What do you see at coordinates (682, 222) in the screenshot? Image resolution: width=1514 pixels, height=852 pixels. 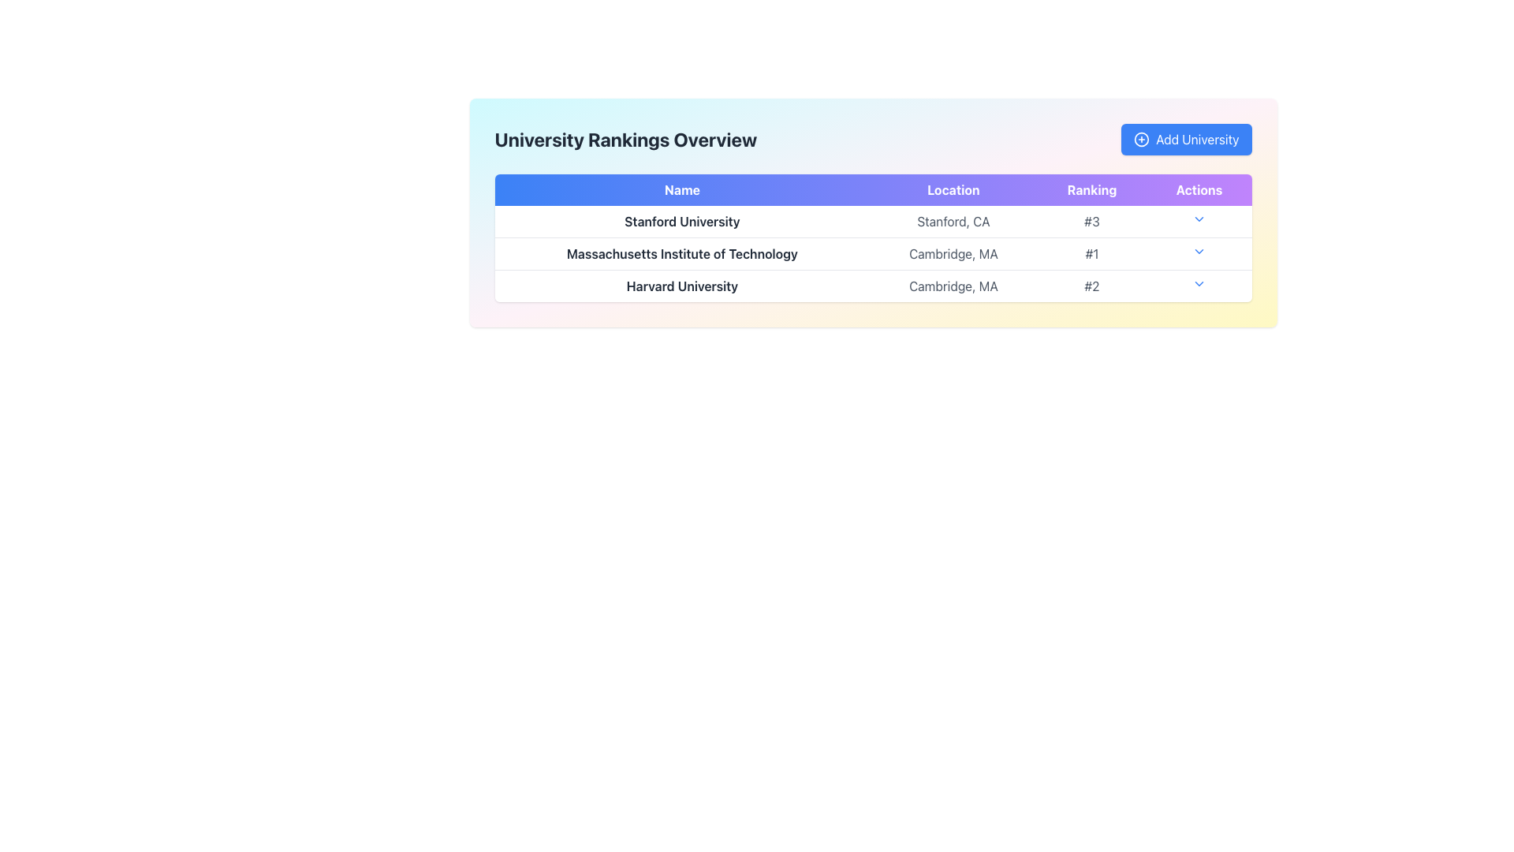 I see `the text label displaying 'Stanford University', which is the primary title in the first row of the table under the 'Name' column header` at bounding box center [682, 222].